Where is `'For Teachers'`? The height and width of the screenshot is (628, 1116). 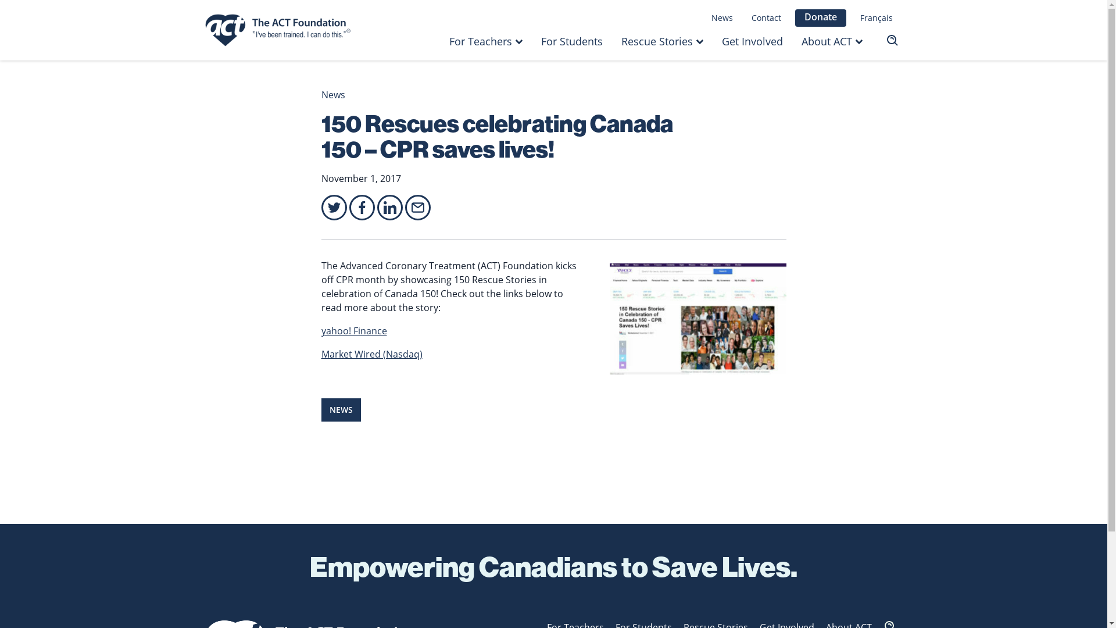
'For Teachers' is located at coordinates (480, 40).